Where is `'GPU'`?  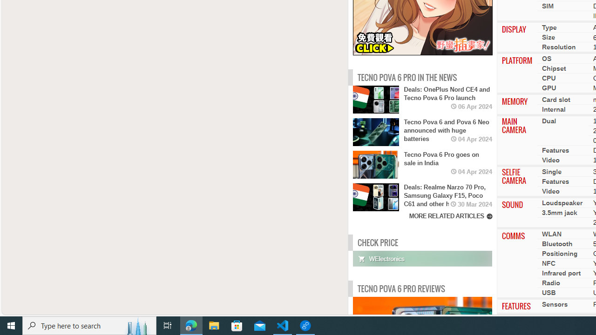 'GPU' is located at coordinates (549, 88).